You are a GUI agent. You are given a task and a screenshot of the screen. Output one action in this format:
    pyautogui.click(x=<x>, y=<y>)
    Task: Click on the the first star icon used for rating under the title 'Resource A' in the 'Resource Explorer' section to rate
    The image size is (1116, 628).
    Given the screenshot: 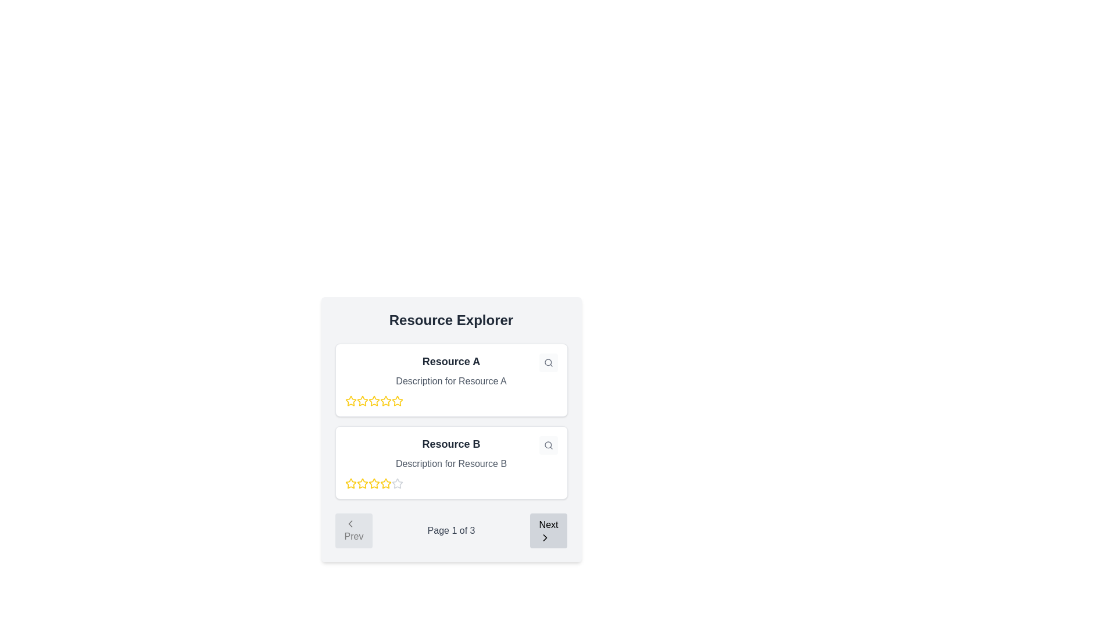 What is the action you would take?
    pyautogui.click(x=350, y=401)
    